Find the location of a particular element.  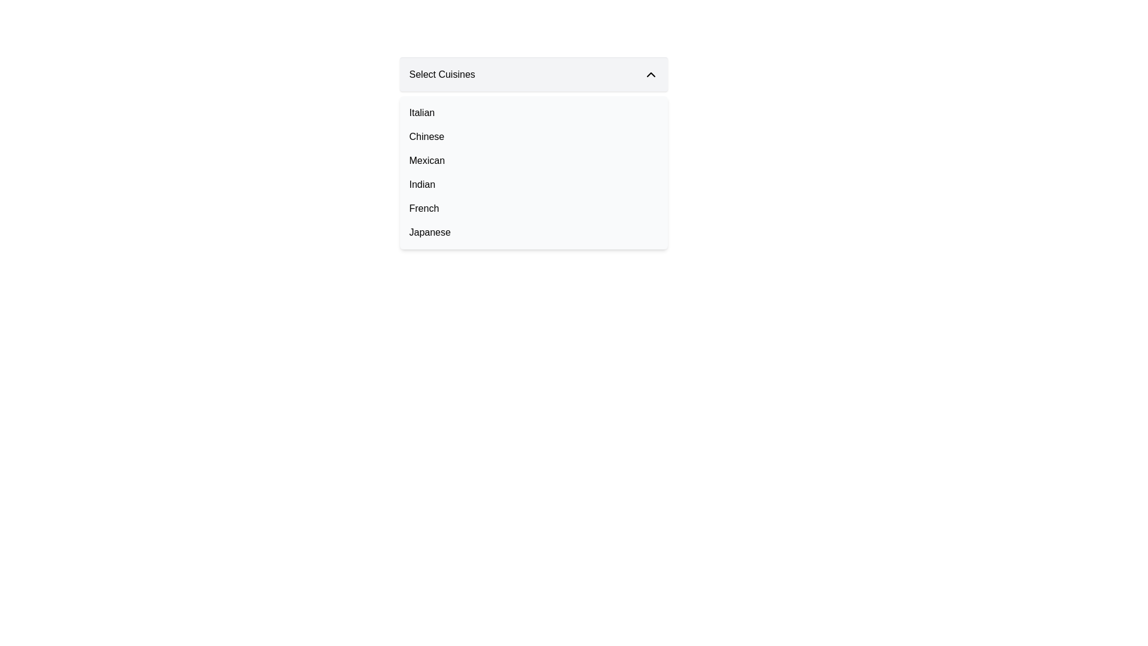

the text element displaying 'Italian' located within the dropdown menu beneath the label 'Select Cuisines' is located at coordinates (422, 113).